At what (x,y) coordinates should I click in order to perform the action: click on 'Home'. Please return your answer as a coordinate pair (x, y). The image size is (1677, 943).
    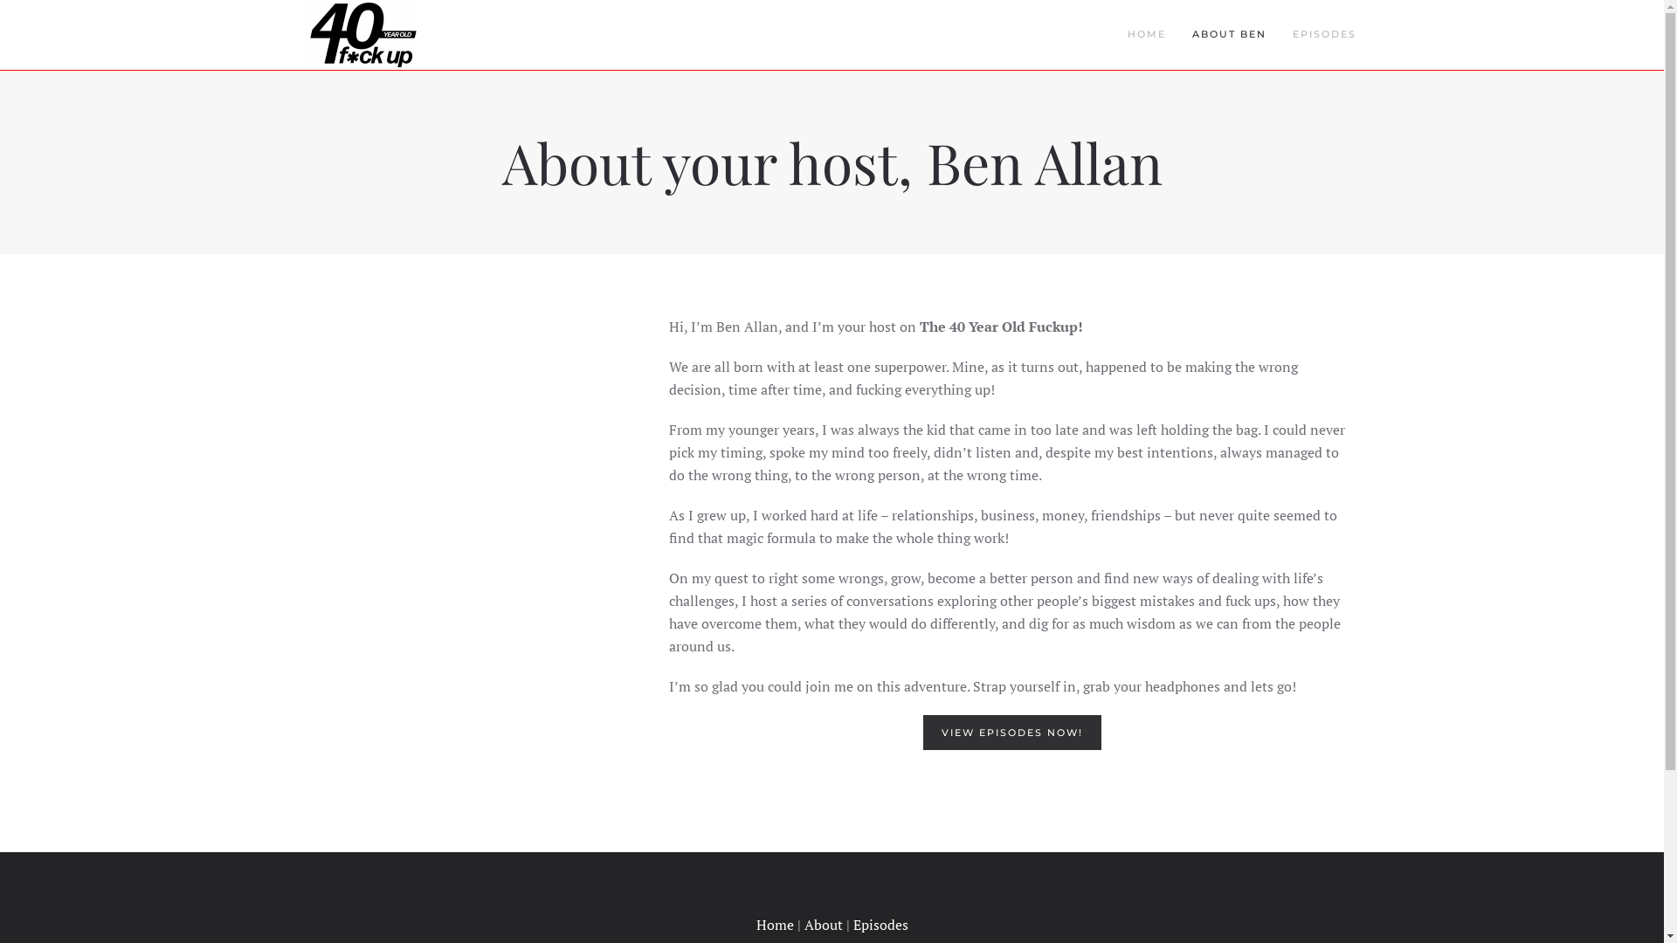
    Looking at the image, I should click on (774, 924).